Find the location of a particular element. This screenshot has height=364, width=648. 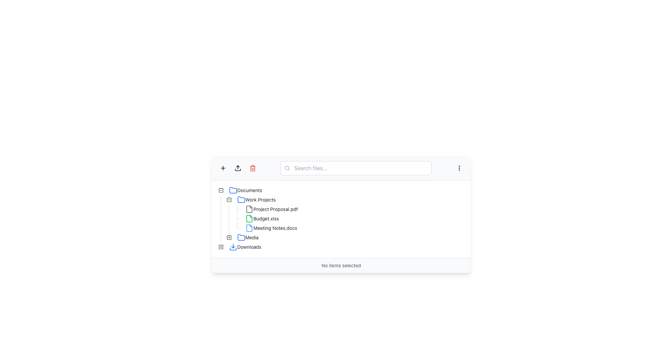

the 'Project Proposal.pdf' text label in the file tree is located at coordinates (275, 209).